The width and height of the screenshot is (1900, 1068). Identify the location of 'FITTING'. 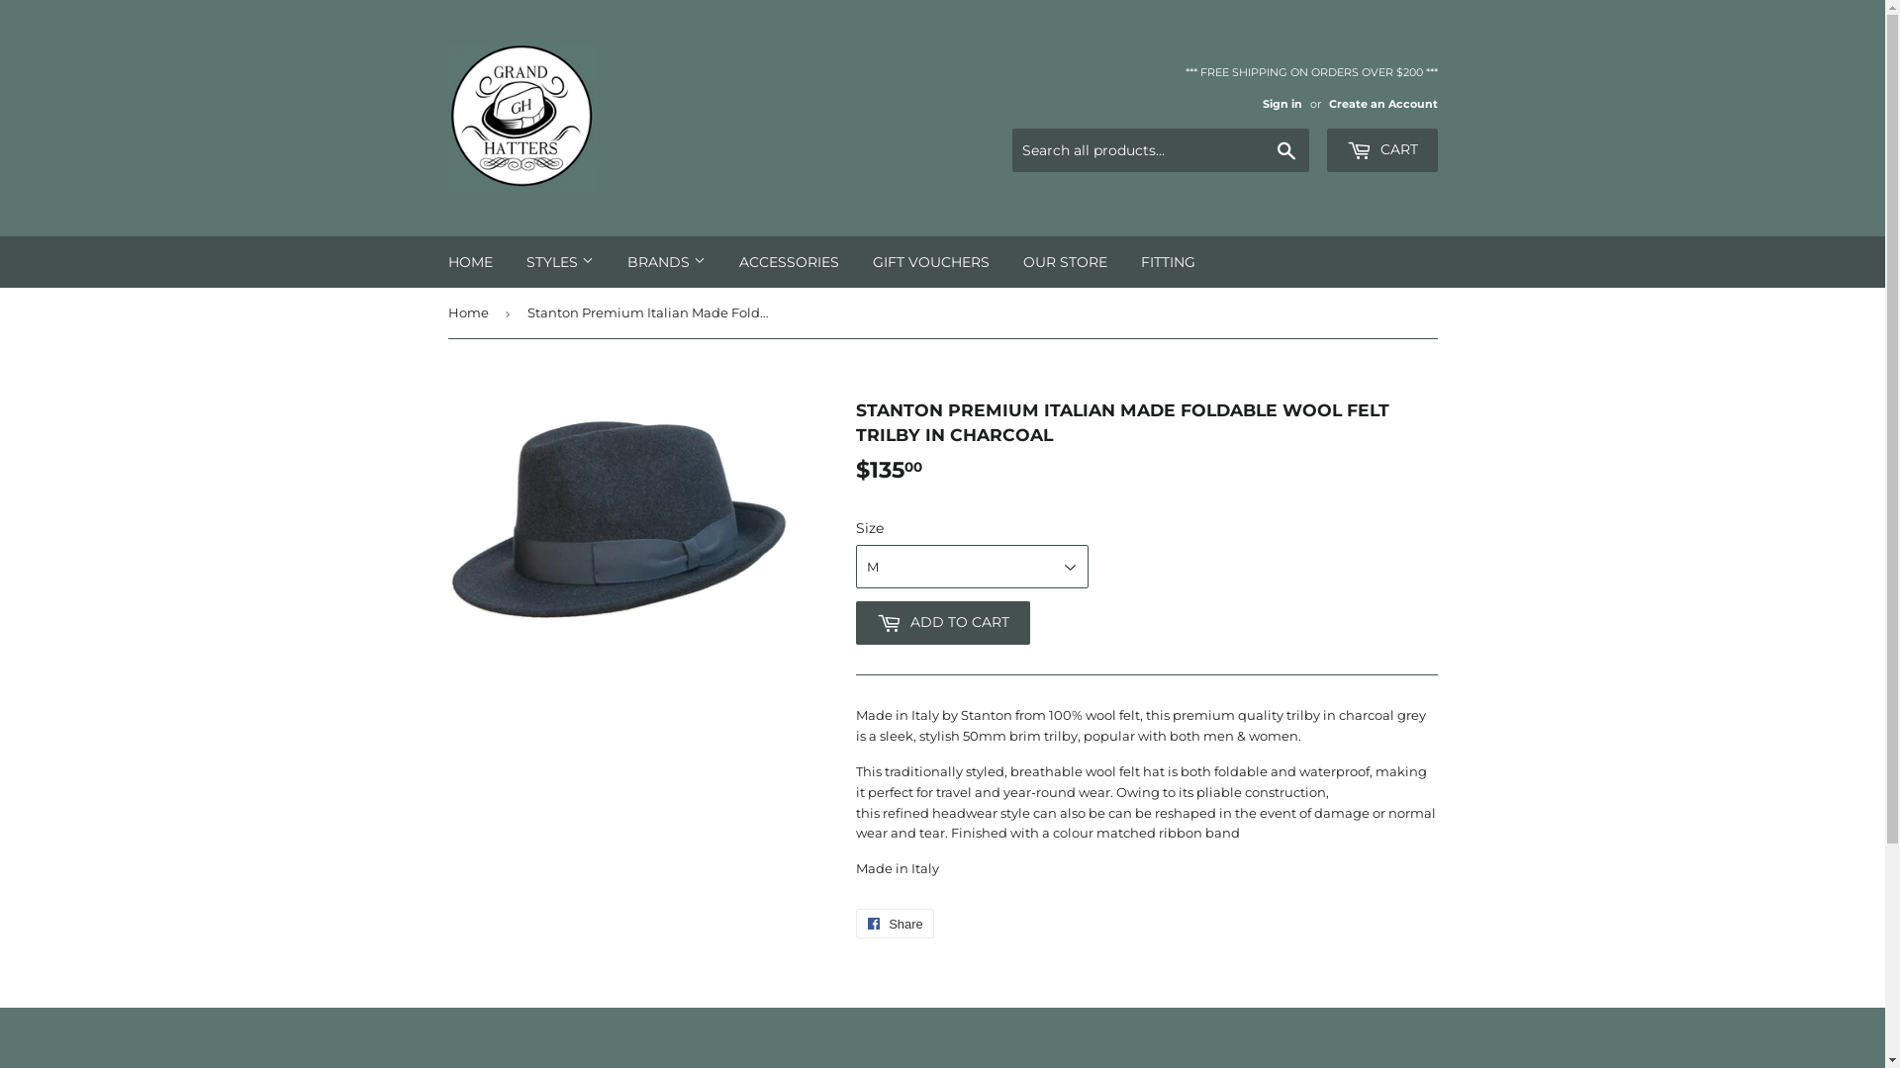
(1168, 261).